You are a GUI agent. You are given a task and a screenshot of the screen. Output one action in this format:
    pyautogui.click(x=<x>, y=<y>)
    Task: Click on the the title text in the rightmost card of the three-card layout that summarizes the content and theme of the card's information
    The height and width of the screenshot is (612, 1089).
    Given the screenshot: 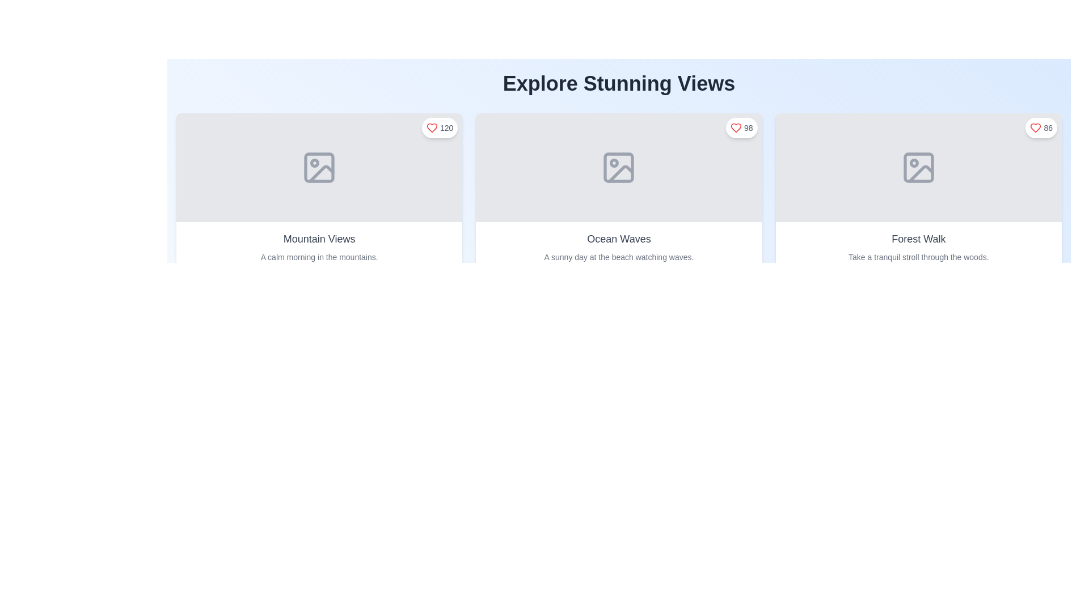 What is the action you would take?
    pyautogui.click(x=918, y=238)
    